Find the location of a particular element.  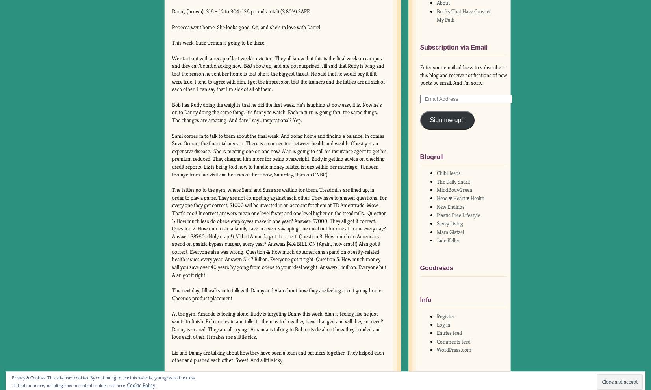

'Entries feed' is located at coordinates (449, 332).